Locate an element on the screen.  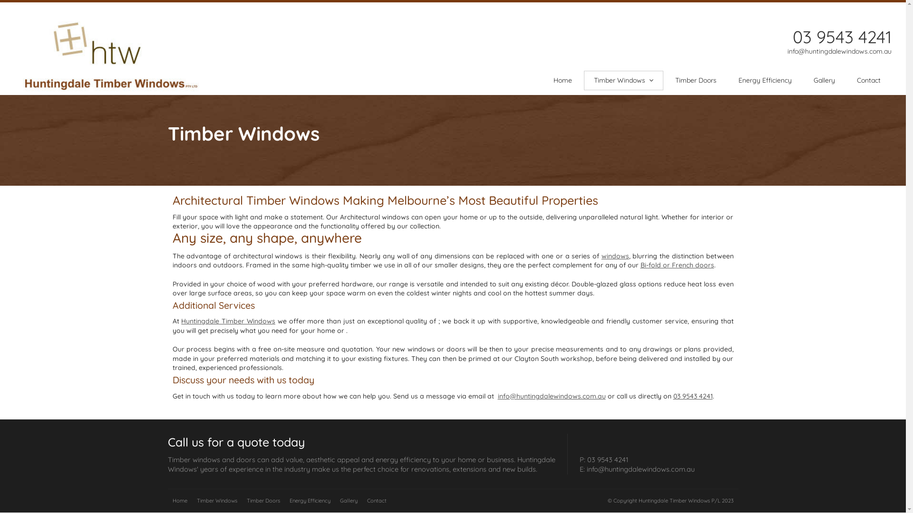
'Contact' is located at coordinates (869, 80).